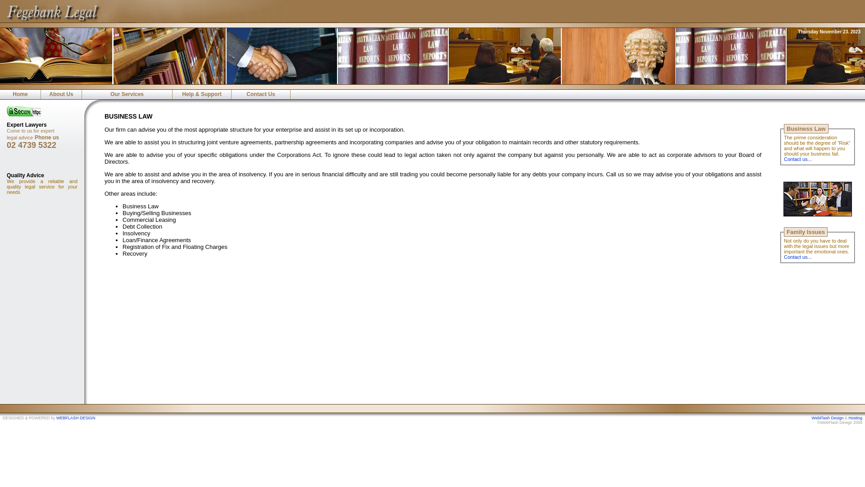 This screenshot has height=487, width=865. What do you see at coordinates (127, 94) in the screenshot?
I see `'Our Services'` at bounding box center [127, 94].